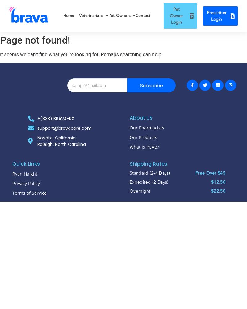 This screenshot has height=309, width=247. What do you see at coordinates (26, 163) in the screenshot?
I see `'Quick Links'` at bounding box center [26, 163].